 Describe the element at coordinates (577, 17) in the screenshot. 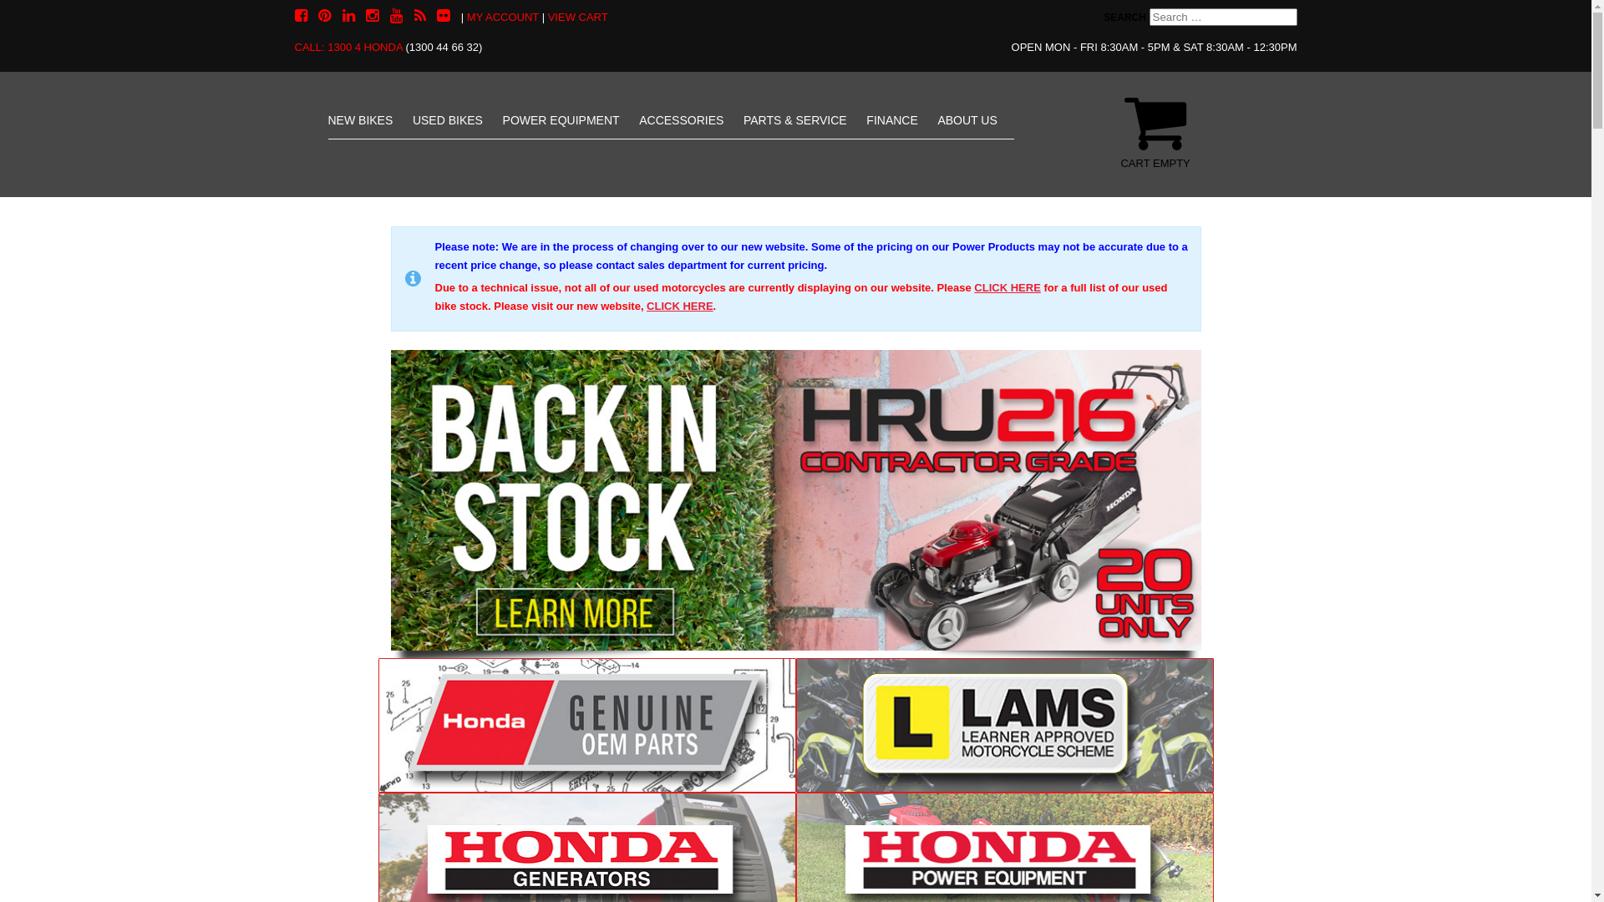

I see `'VIEW CART'` at that location.